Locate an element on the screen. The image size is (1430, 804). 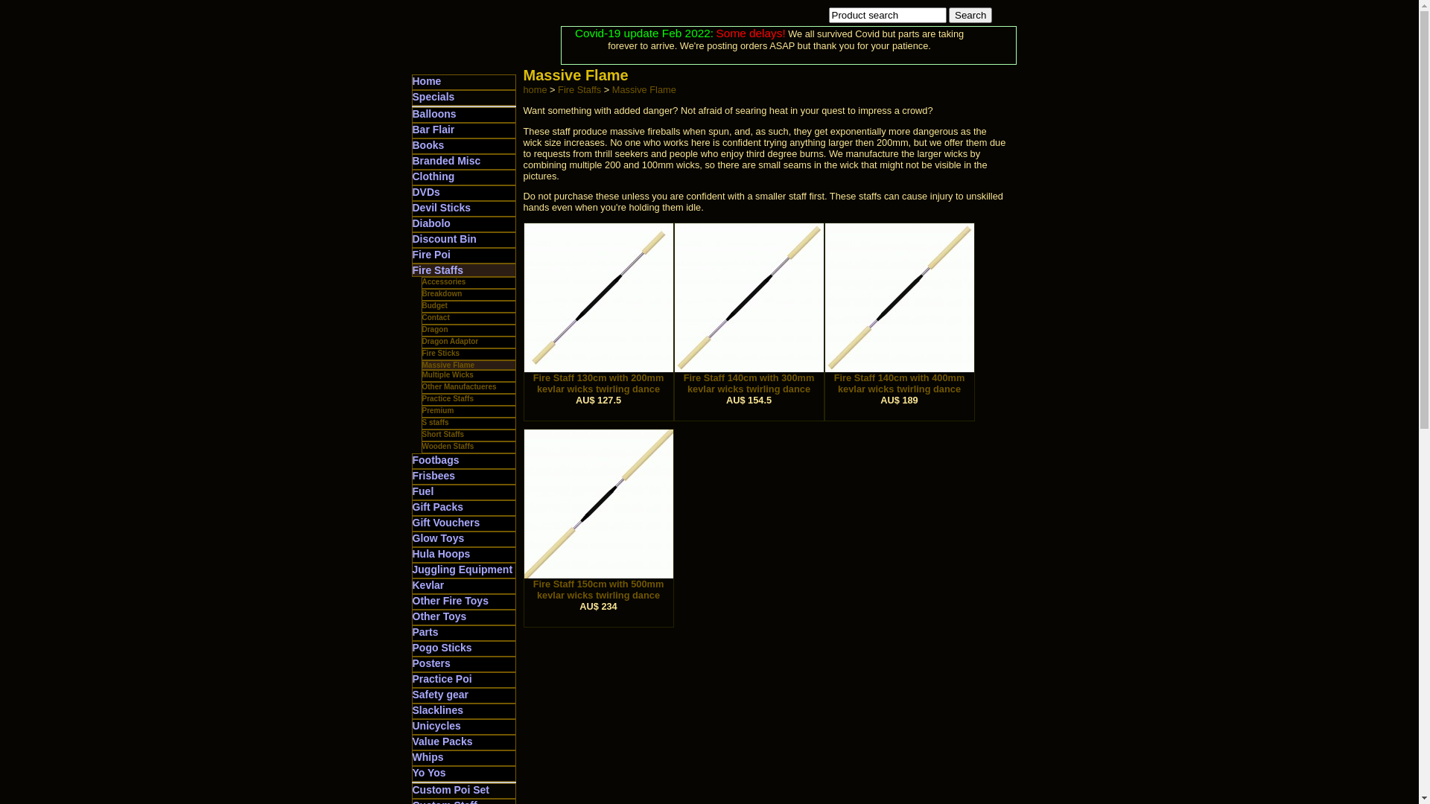
'Practice Poi' is located at coordinates (442, 678).